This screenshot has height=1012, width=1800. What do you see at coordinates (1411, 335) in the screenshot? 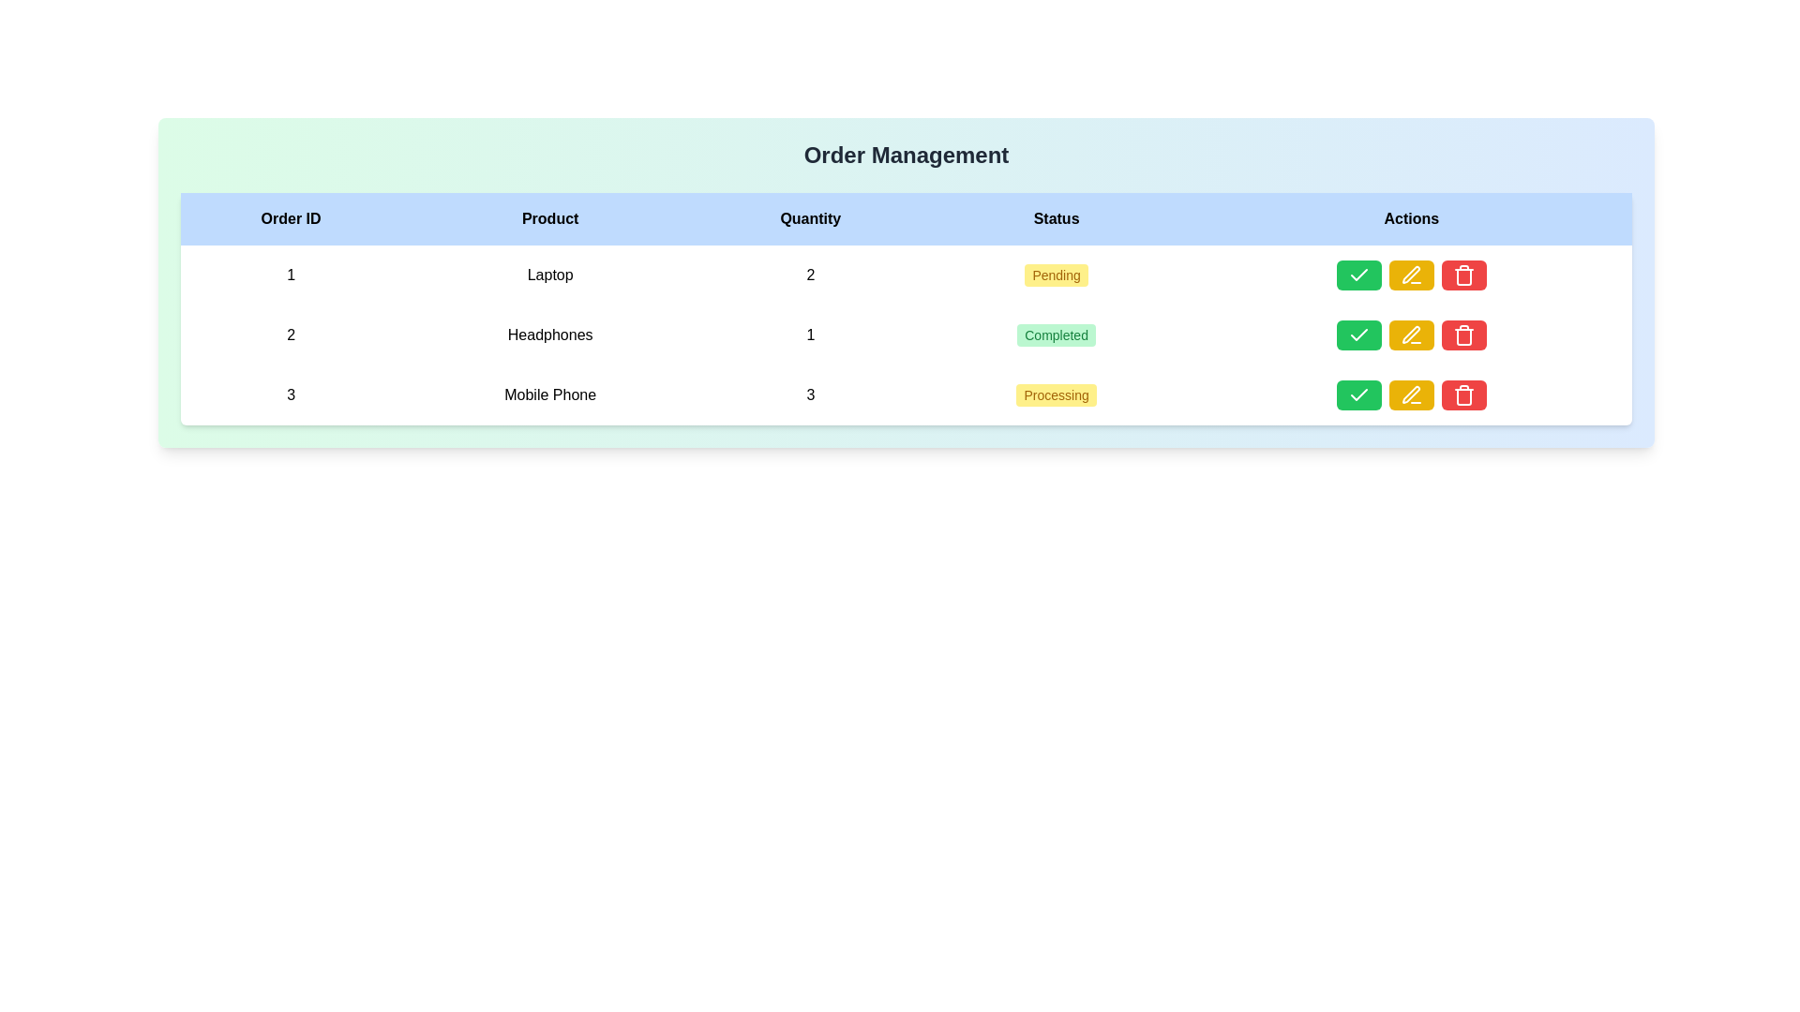
I see `the group of interactive buttons in the 'Actions' column of the 'Order Management' table for the 'Headphones' entry` at bounding box center [1411, 335].